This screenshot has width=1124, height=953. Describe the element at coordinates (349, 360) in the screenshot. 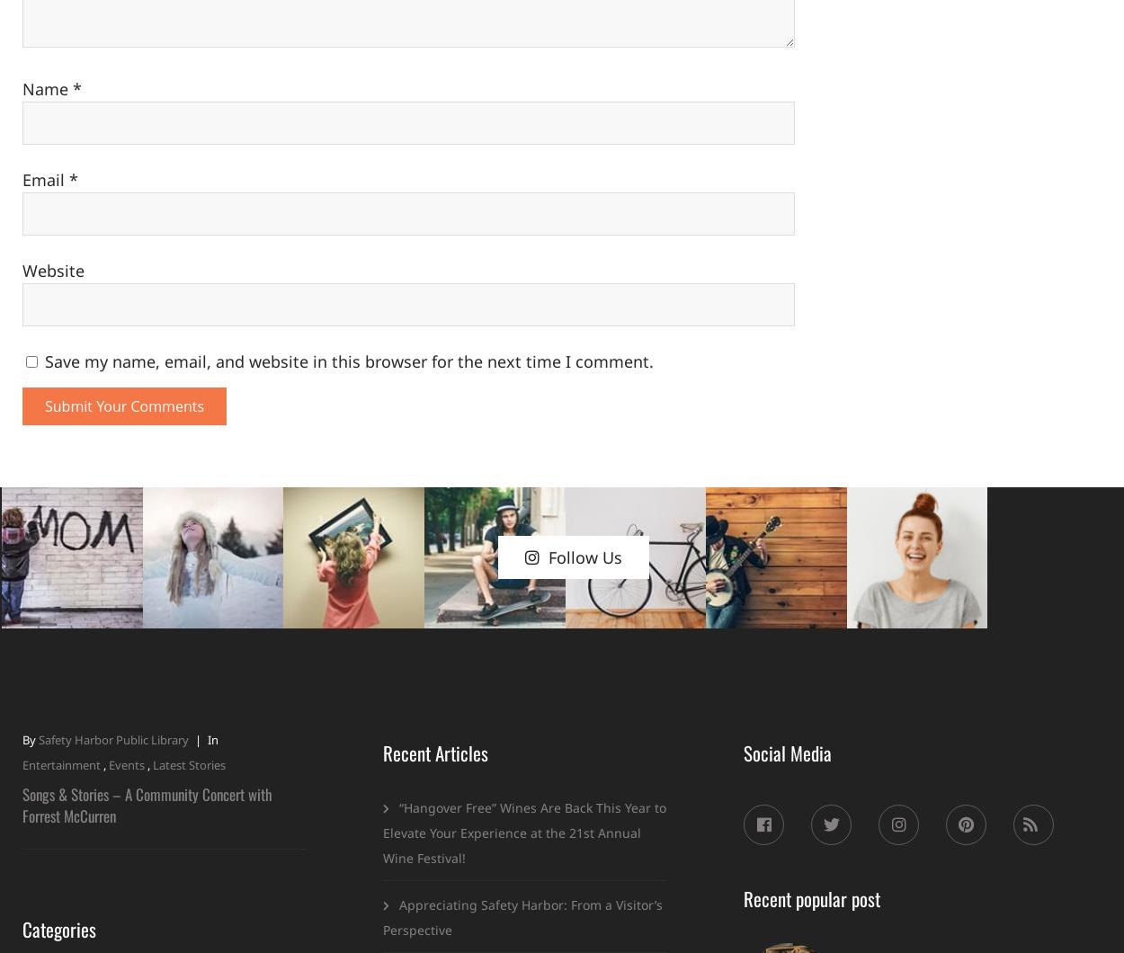

I see `'Save my name, email, and website in this browser for the next time I comment.'` at that location.